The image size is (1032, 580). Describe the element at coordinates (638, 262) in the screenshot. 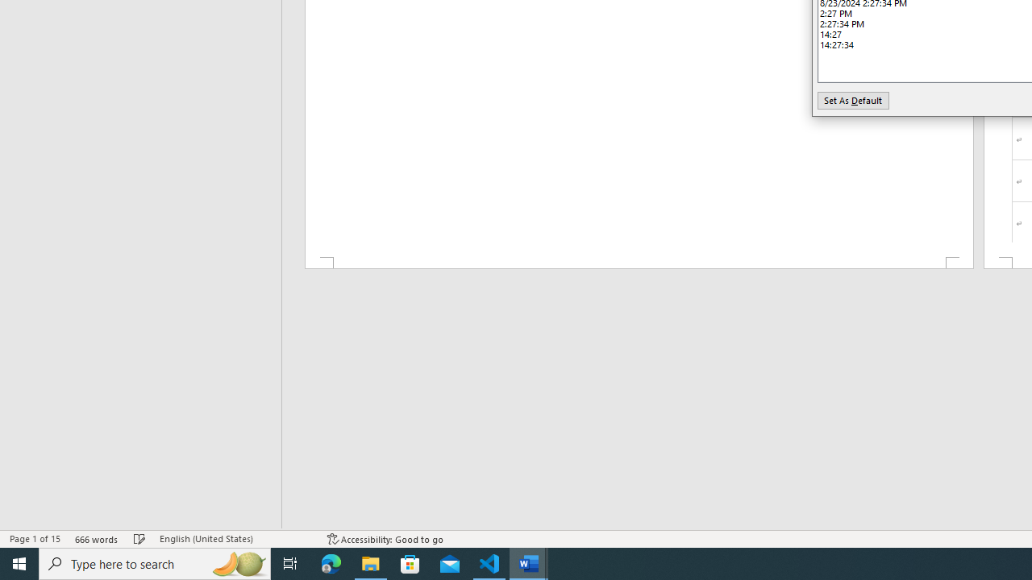

I see `'Footer -Section 1-'` at that location.